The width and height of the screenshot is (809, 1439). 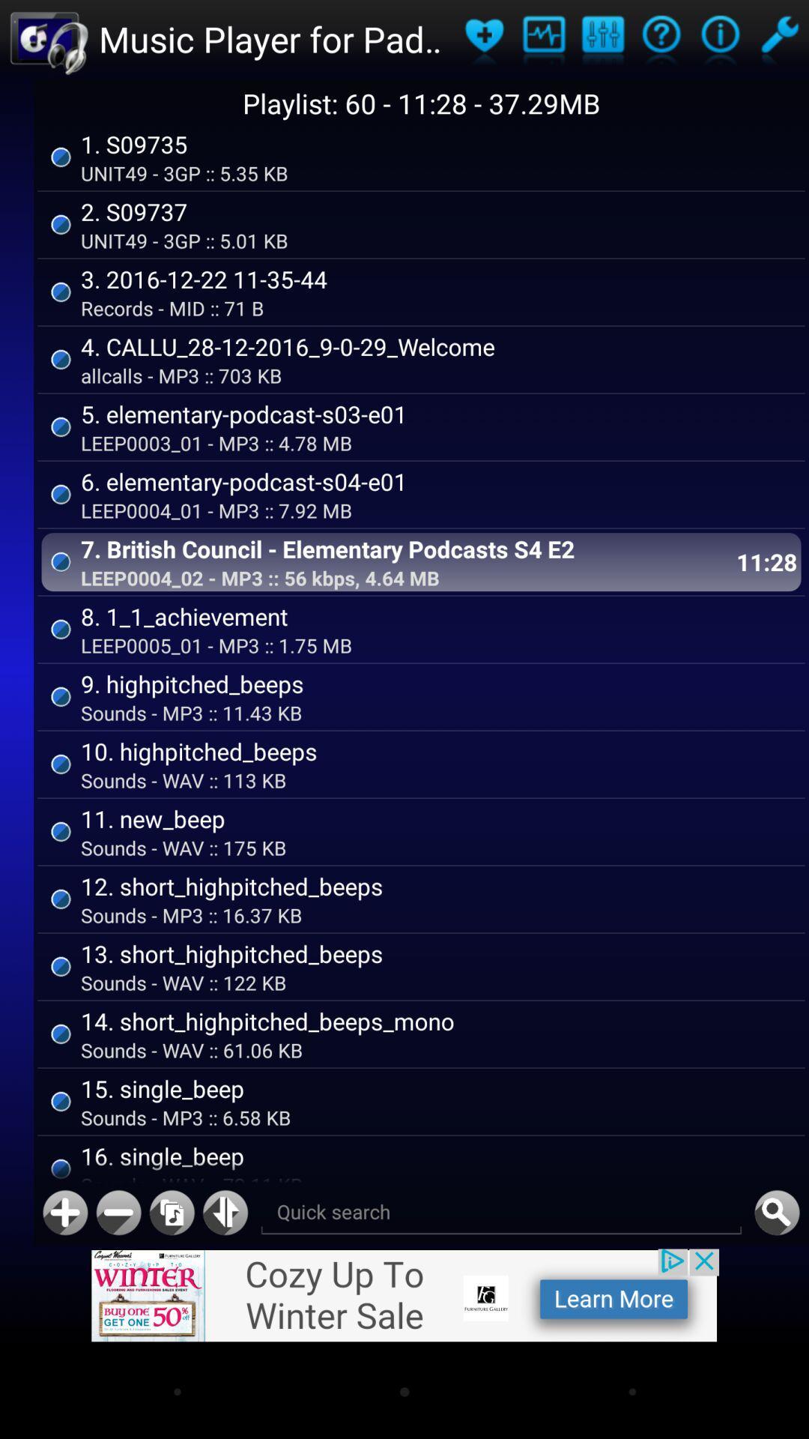 What do you see at coordinates (118, 1213) in the screenshot?
I see `delete song from playlist` at bounding box center [118, 1213].